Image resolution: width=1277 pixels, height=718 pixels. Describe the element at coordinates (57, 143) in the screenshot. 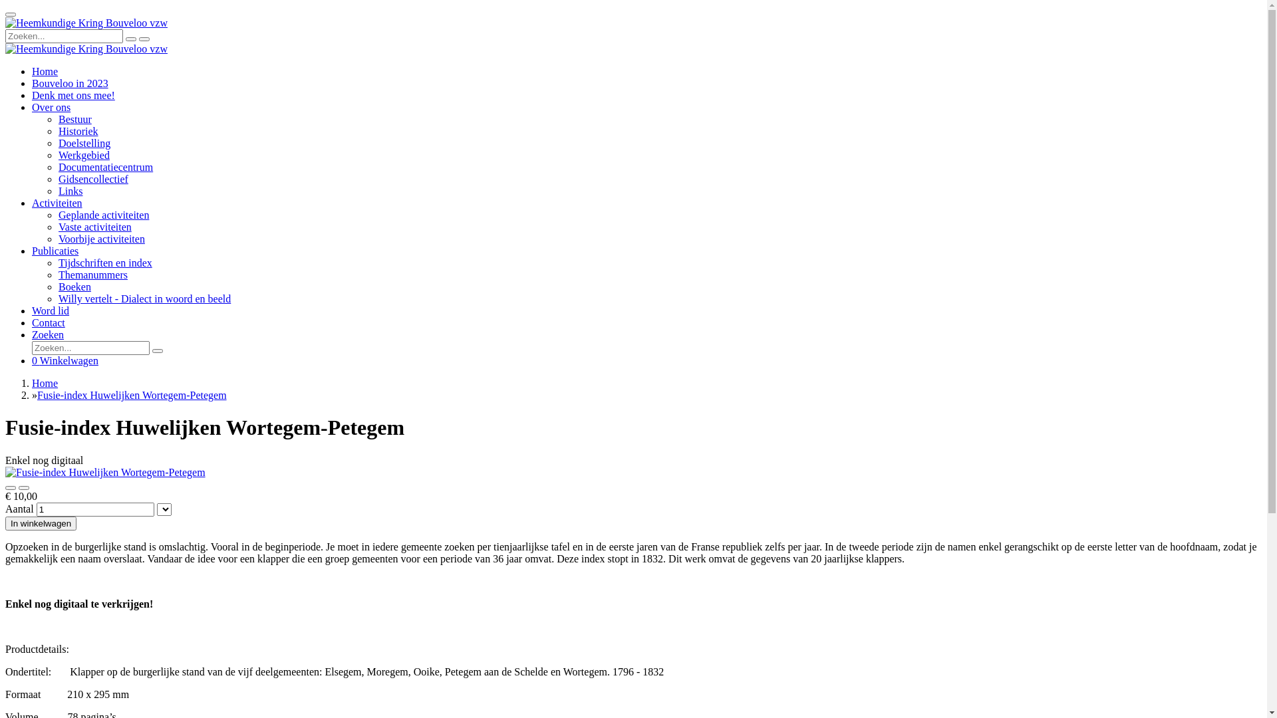

I see `'Doelstelling'` at that location.